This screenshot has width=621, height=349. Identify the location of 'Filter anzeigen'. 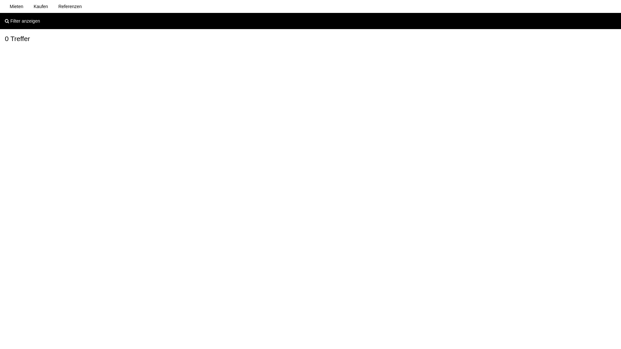
(310, 21).